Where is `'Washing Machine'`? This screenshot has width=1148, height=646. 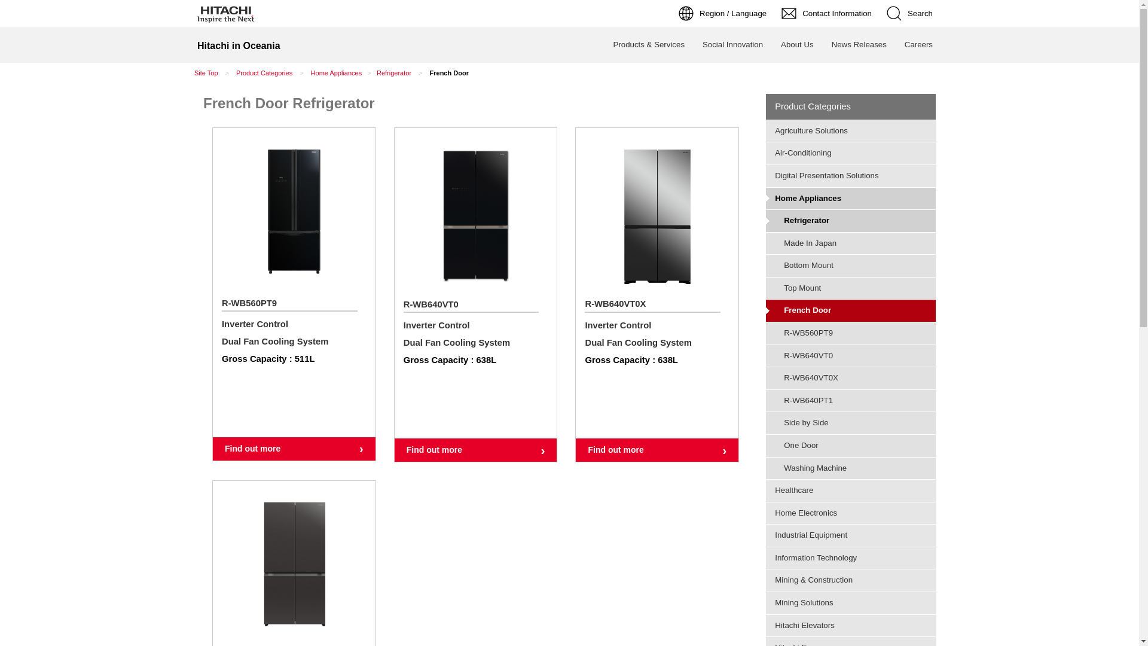
'Washing Machine' is located at coordinates (850, 468).